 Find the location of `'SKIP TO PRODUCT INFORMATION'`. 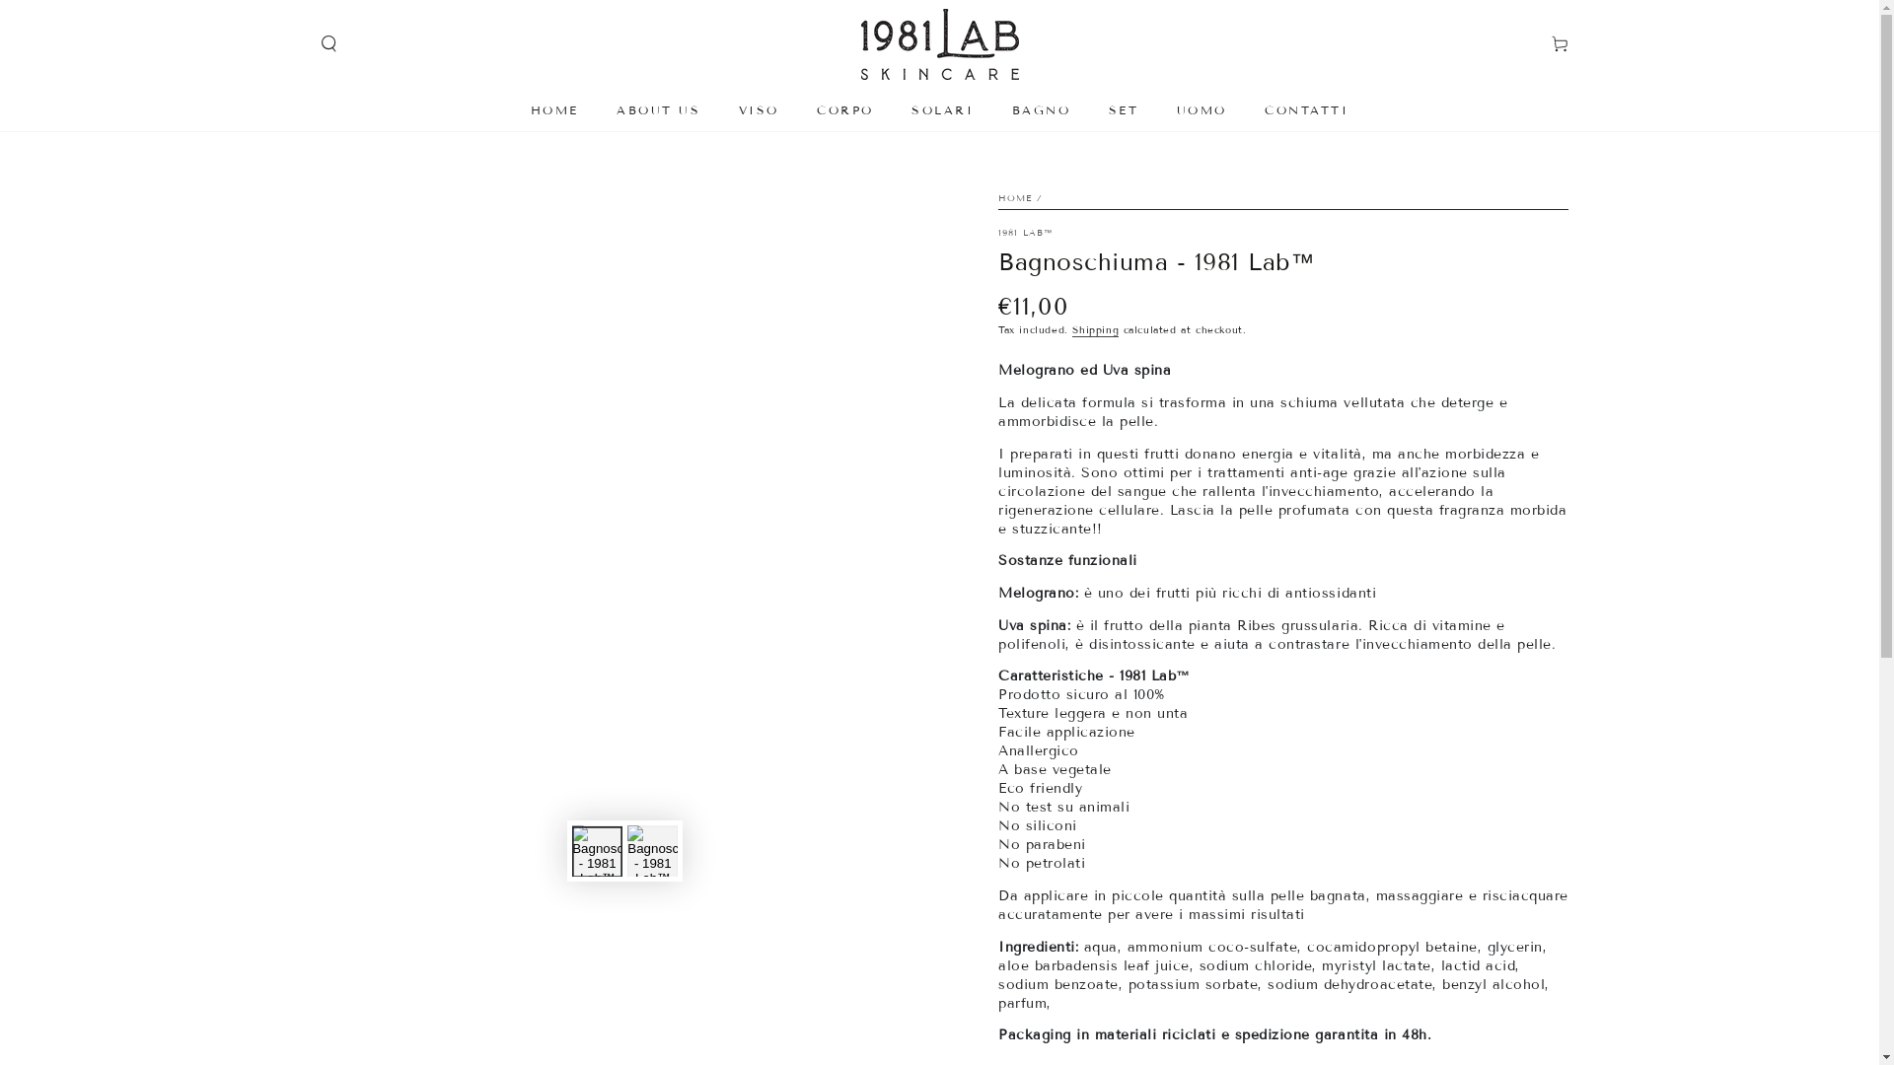

'SKIP TO PRODUCT INFORMATION' is located at coordinates (409, 186).